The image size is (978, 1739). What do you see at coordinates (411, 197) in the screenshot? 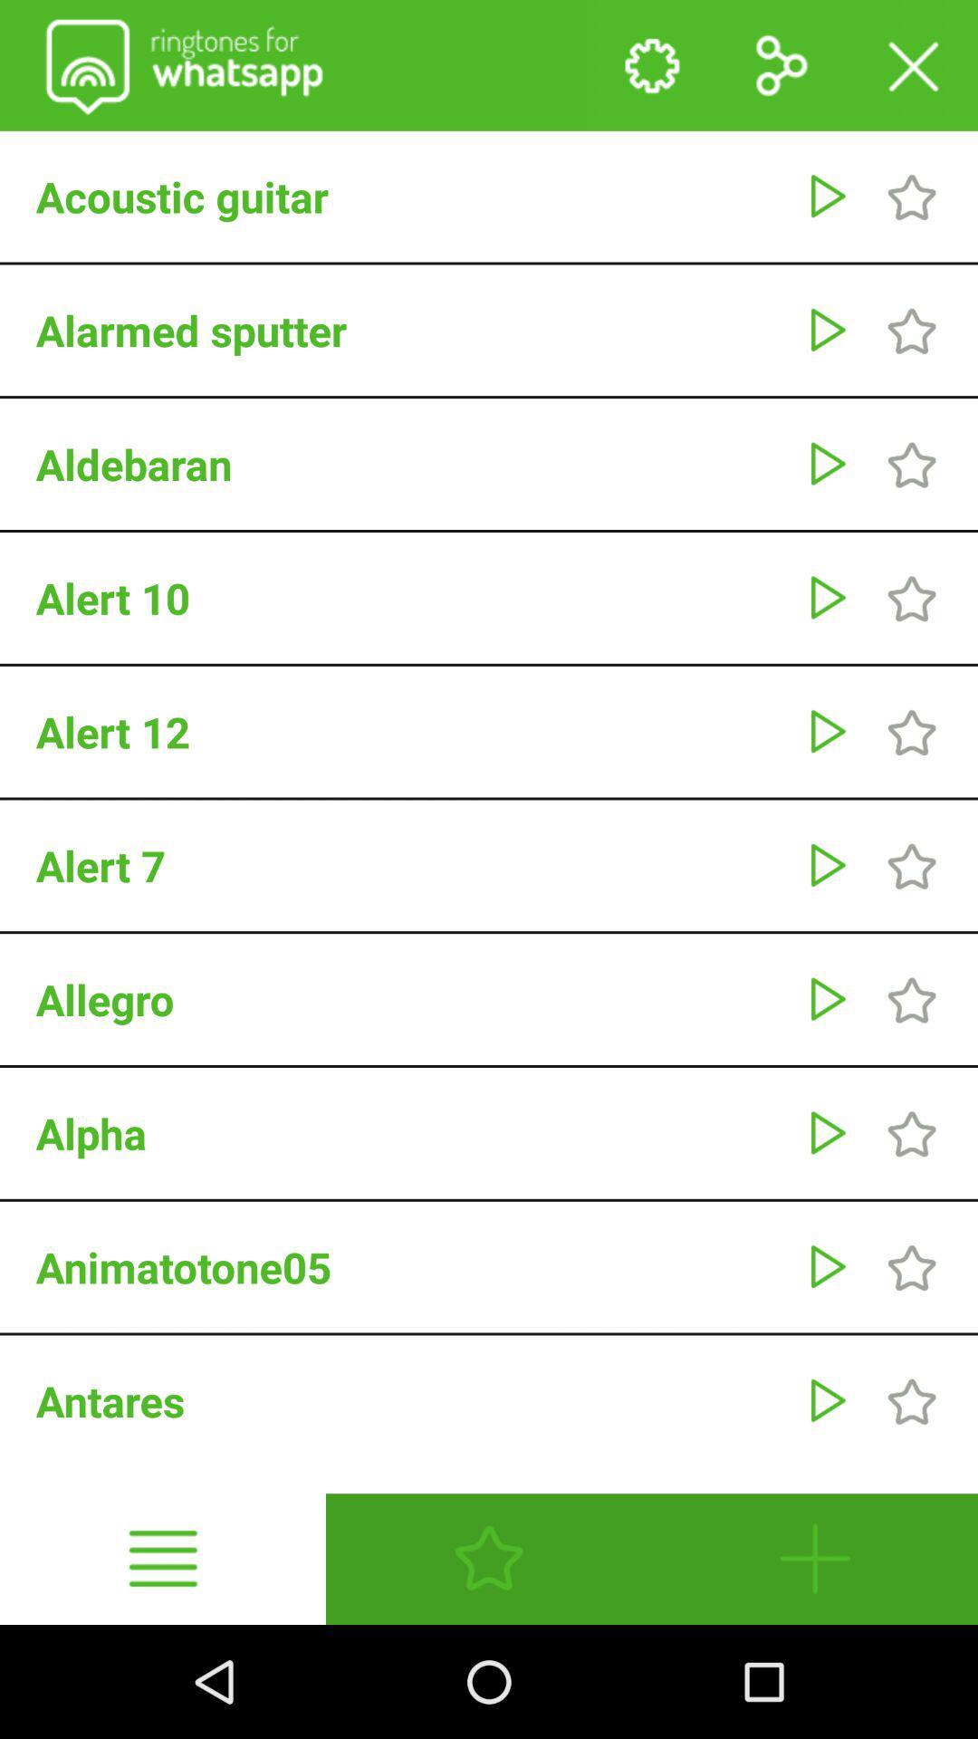
I see `the acoustic guitar app` at bounding box center [411, 197].